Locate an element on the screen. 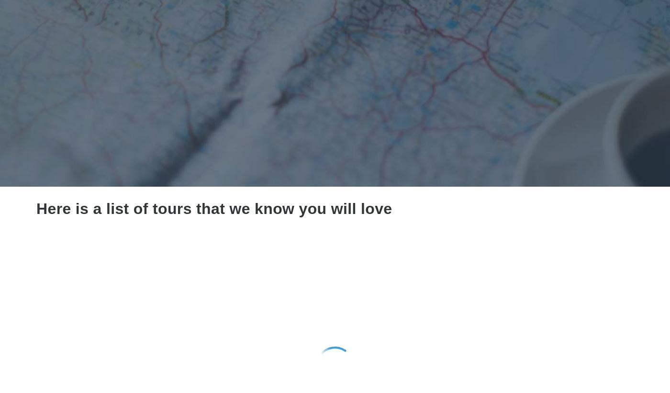 The height and width of the screenshot is (393, 670). 'Europe Escape - 12 Days' is located at coordinates (36, 343).